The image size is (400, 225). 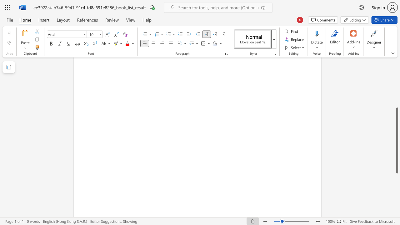 I want to click on the side scrollbar to bring the page up, so click(x=397, y=97).